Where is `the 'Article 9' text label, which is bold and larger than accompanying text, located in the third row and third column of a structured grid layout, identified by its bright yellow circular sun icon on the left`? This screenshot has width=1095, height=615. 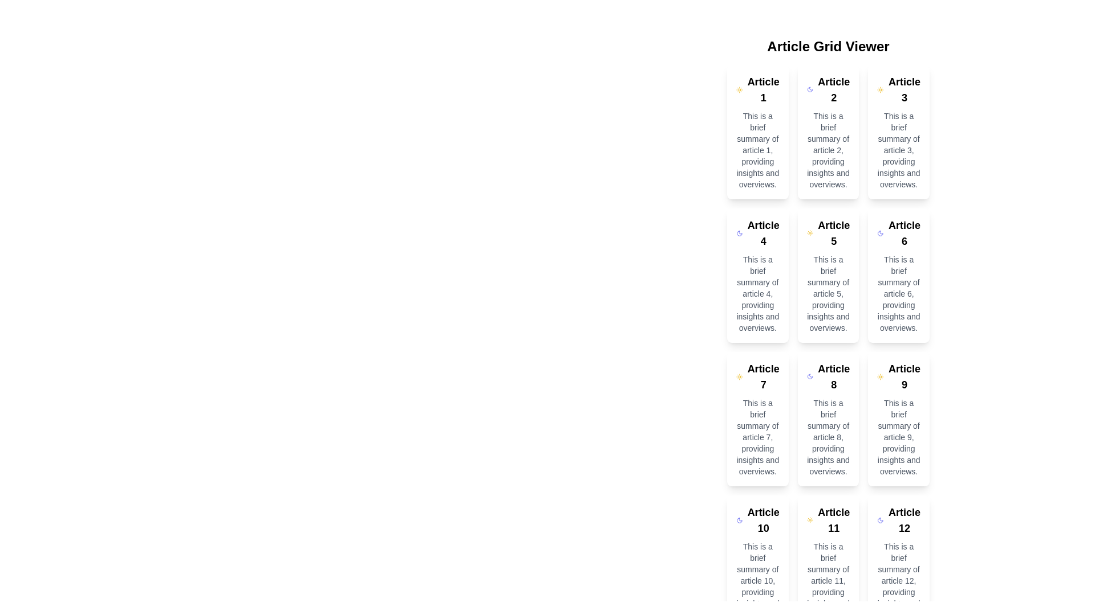 the 'Article 9' text label, which is bold and larger than accompanying text, located in the third row and third column of a structured grid layout, identified by its bright yellow circular sun icon on the left is located at coordinates (898, 377).